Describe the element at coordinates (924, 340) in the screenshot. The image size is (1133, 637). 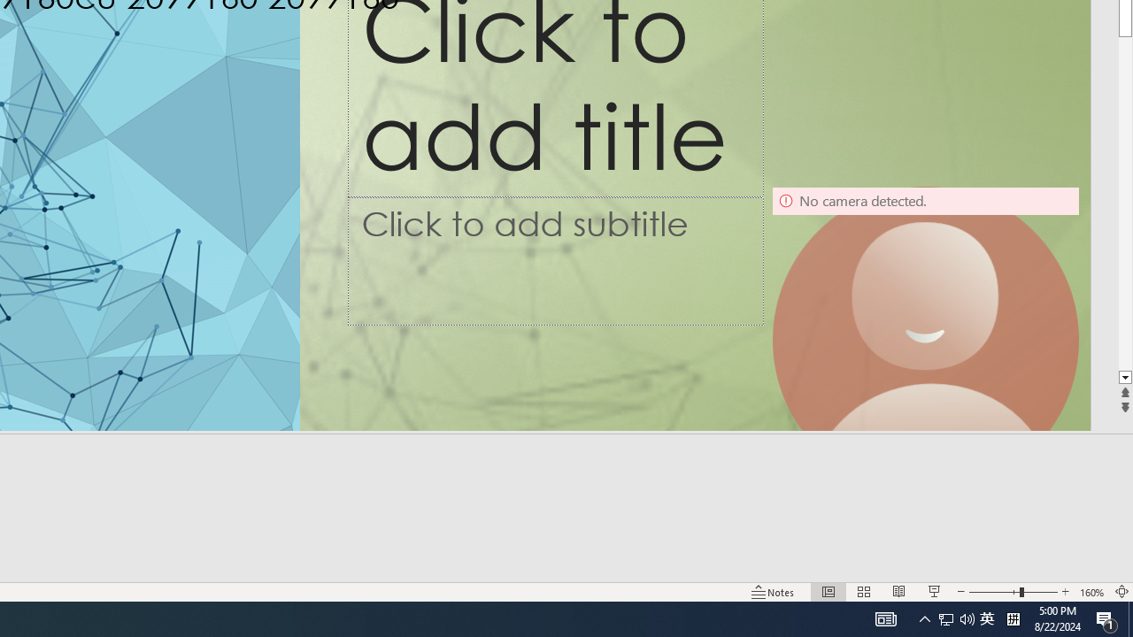
I see `'Camera 9, No camera detected.'` at that location.